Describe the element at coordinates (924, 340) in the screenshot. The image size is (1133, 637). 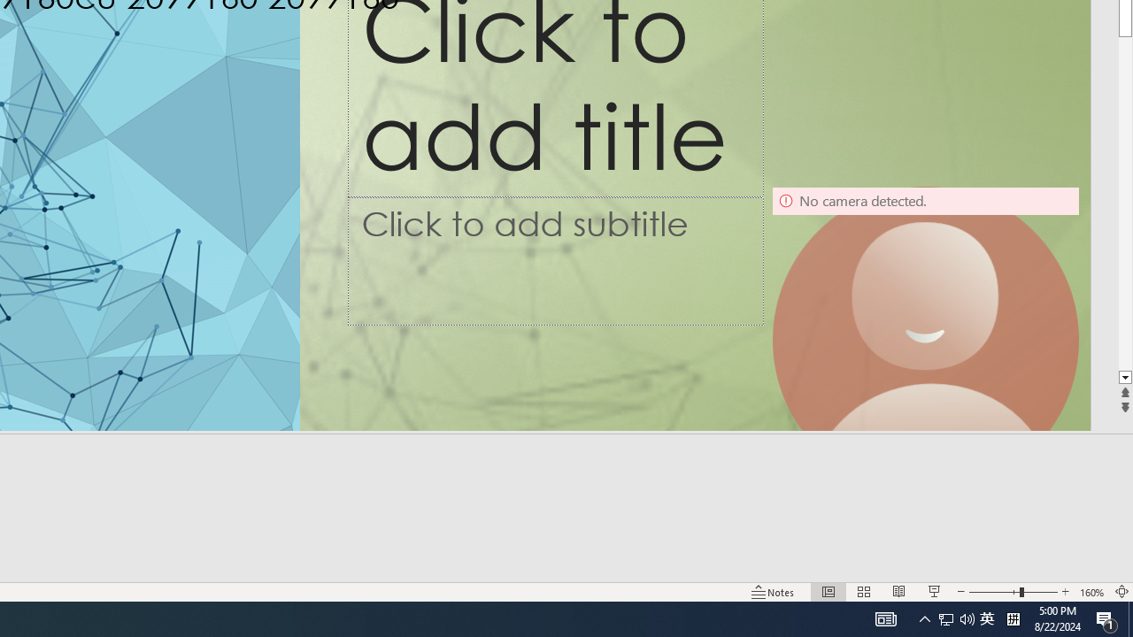
I see `'Camera 9, No camera detected.'` at that location.